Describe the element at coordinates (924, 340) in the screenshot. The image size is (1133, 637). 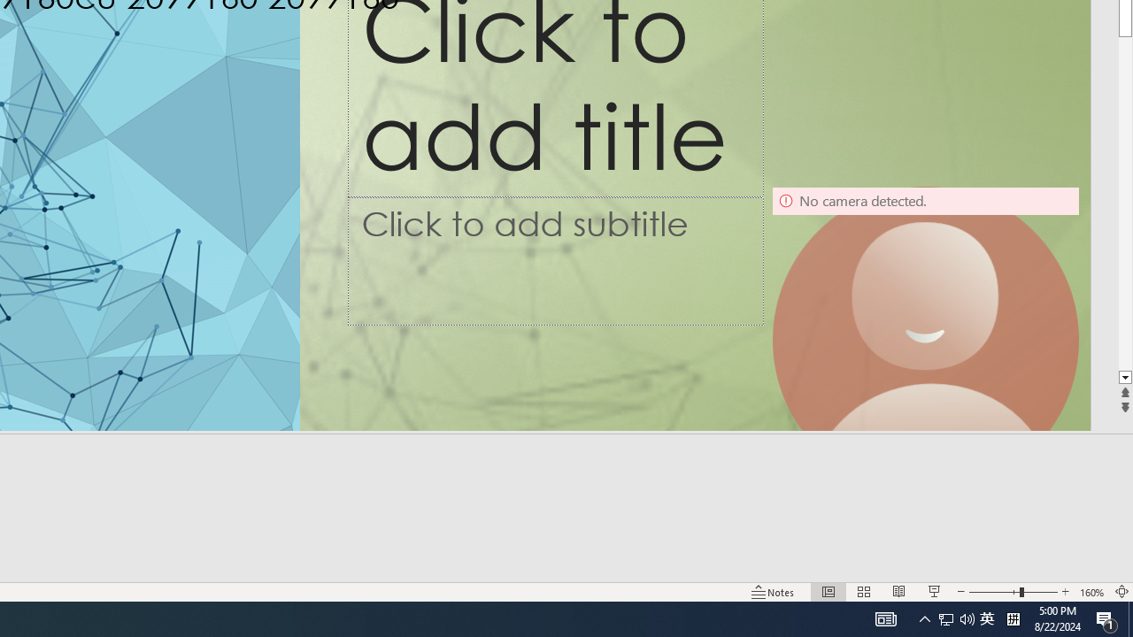
I see `'Camera 9, No camera detected.'` at that location.